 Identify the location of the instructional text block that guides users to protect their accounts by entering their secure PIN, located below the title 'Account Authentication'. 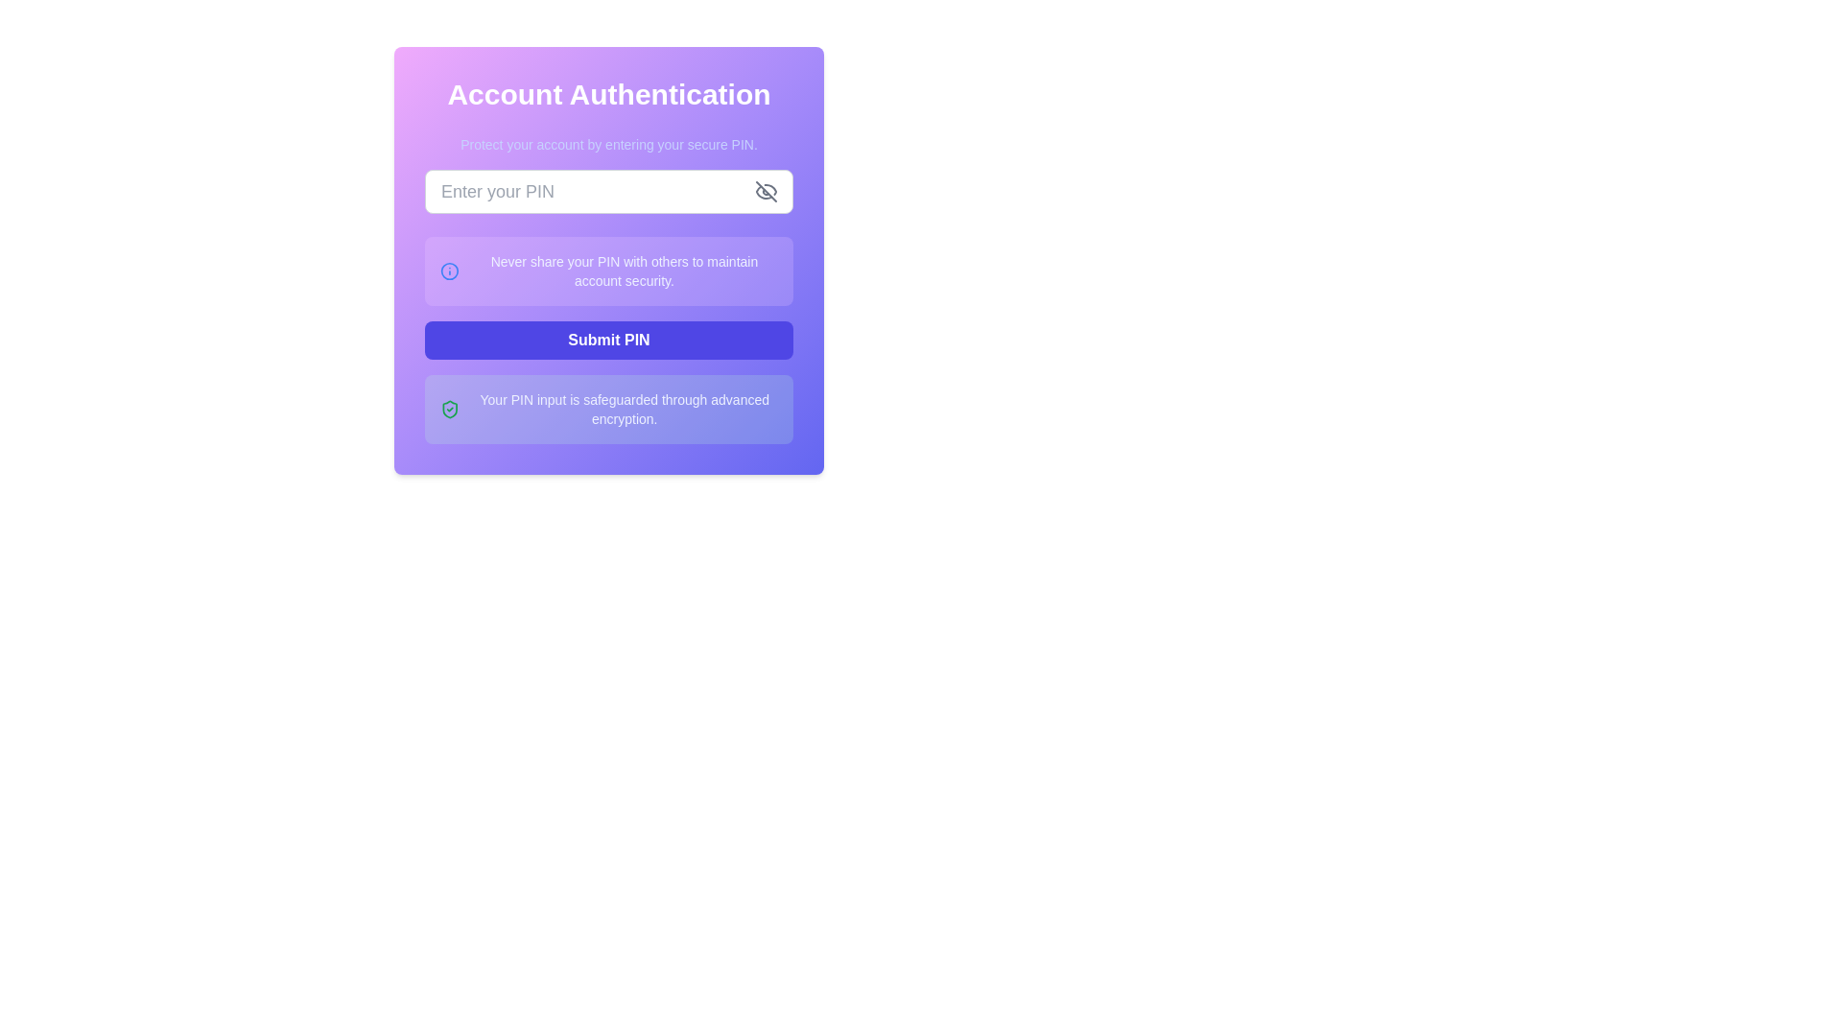
(607, 143).